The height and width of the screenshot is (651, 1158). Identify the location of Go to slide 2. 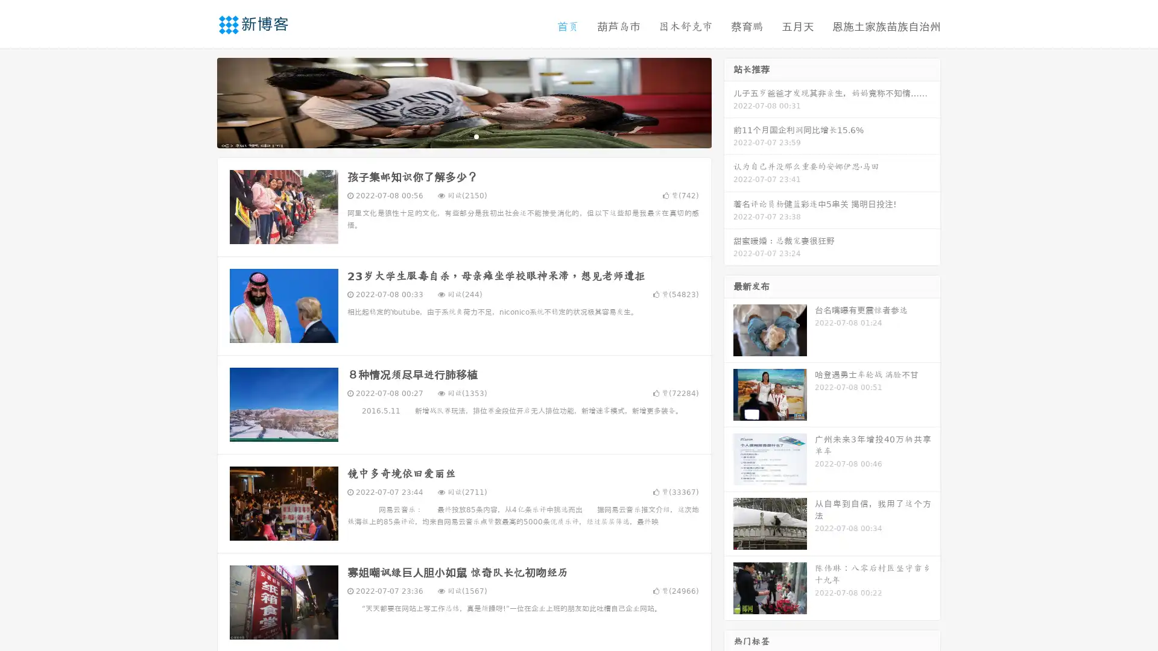
(463, 136).